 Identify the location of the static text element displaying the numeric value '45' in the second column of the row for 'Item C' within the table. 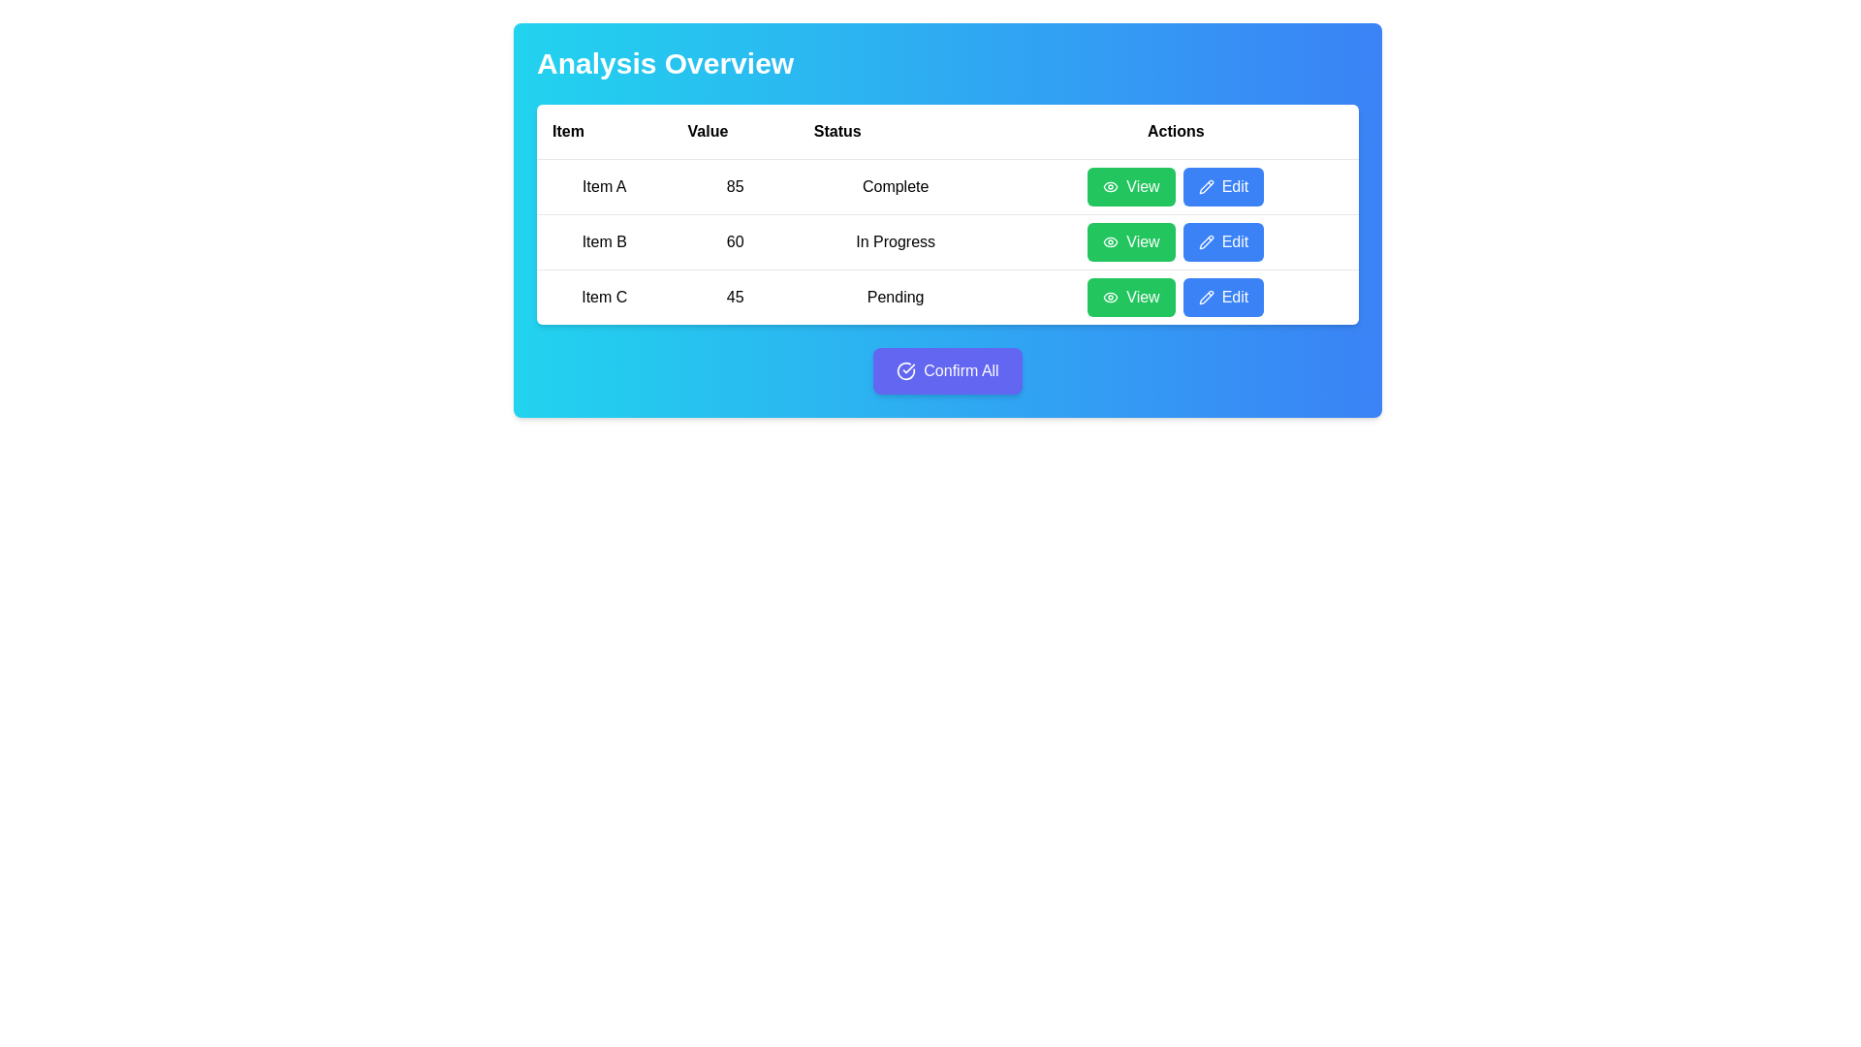
(734, 297).